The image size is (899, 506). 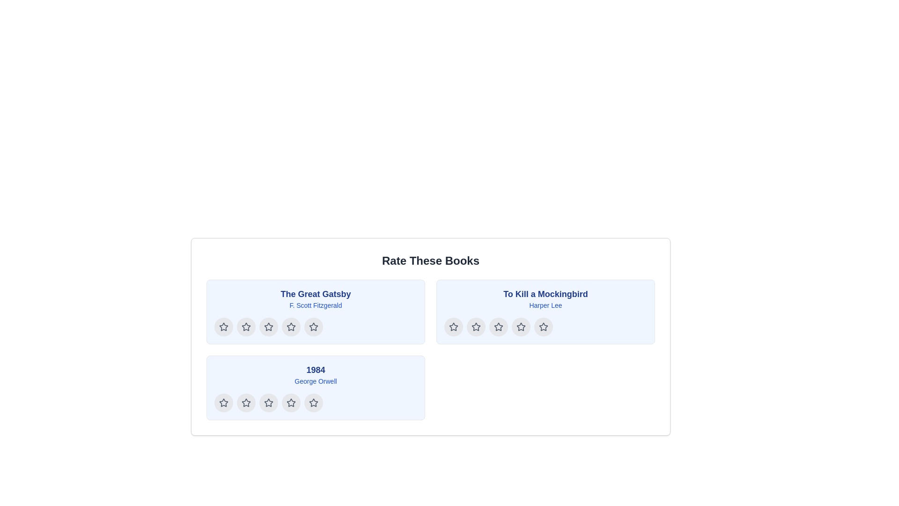 What do you see at coordinates (291, 326) in the screenshot?
I see `the fourth star icon in the rating interface below the title 'The Great Gatsby'` at bounding box center [291, 326].